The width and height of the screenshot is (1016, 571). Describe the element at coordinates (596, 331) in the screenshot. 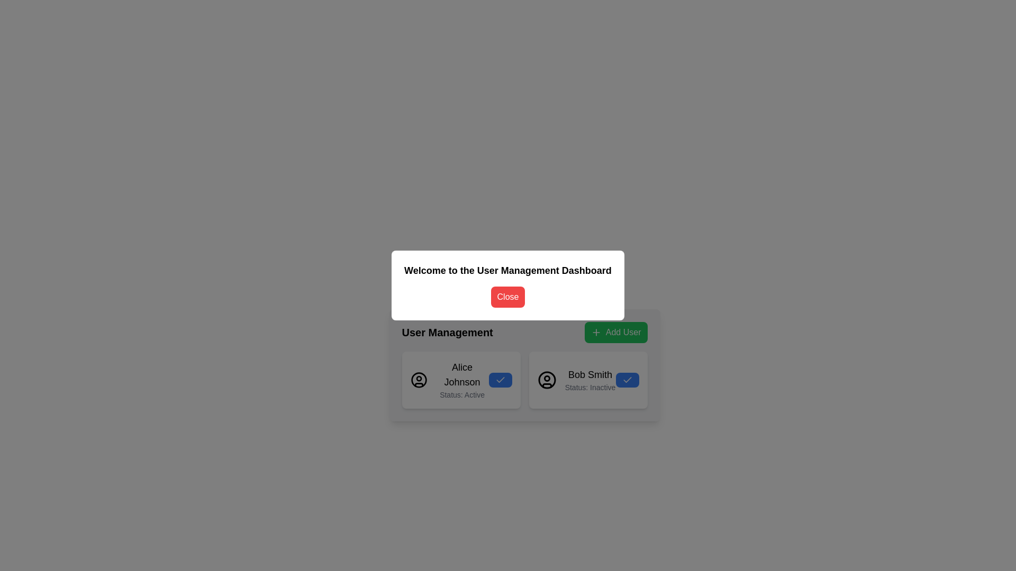

I see `the green 'Add User' button containing the plus sign icon, which is located in the top-right corner of the user management section` at that location.